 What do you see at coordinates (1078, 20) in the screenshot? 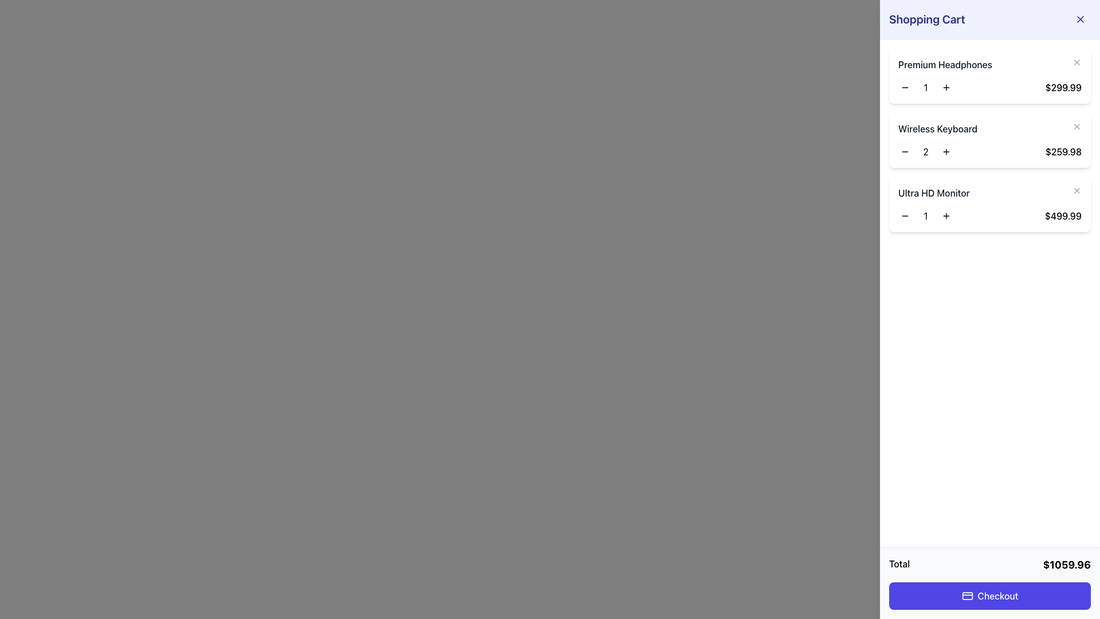
I see `the close button located at the top-right corner of the sidebar, adjacent to the 'Shopping Cart' label` at bounding box center [1078, 20].